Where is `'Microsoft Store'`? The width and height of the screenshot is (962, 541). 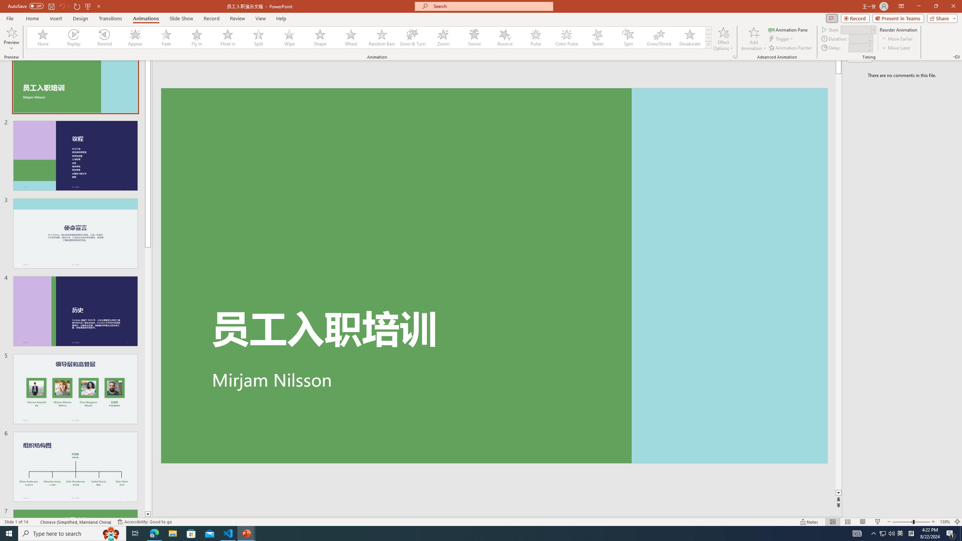 'Microsoft Store' is located at coordinates (191, 533).